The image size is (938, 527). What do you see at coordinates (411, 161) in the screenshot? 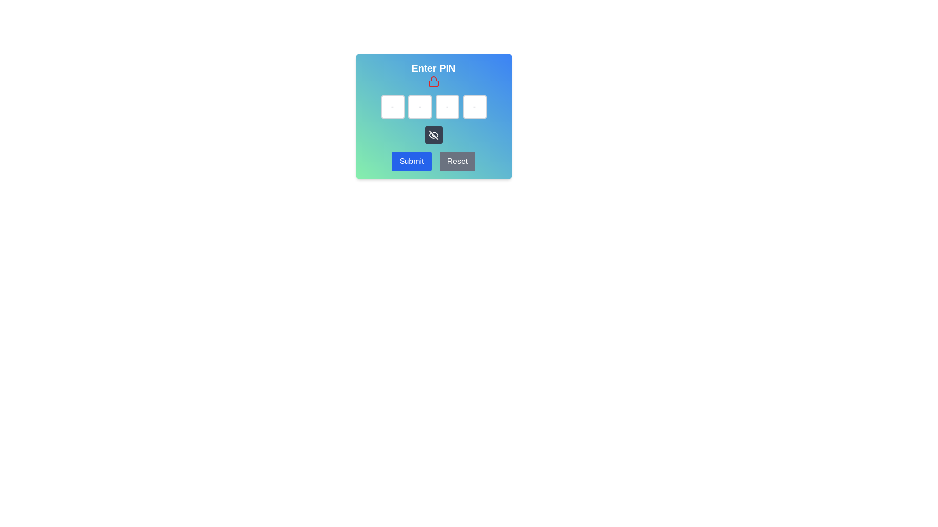
I see `the left submission button located below the PIN entry fields` at bounding box center [411, 161].